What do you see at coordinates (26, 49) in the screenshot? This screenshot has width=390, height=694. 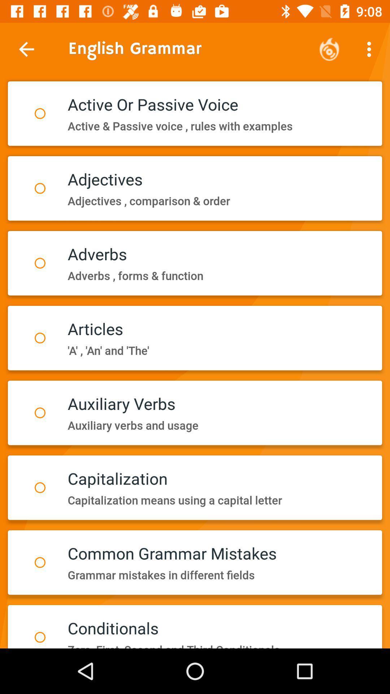 I see `the item to the left of the english grammar icon` at bounding box center [26, 49].